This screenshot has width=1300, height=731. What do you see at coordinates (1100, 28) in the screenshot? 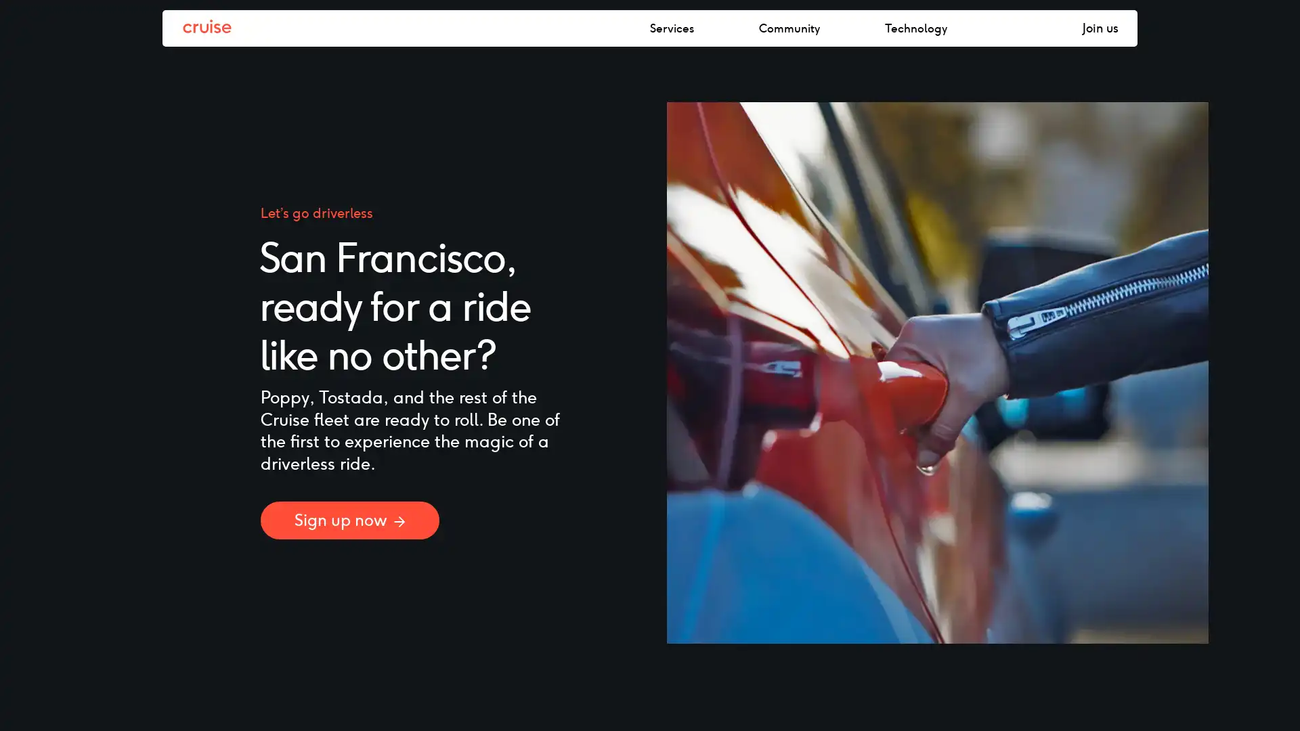
I see `Join us` at bounding box center [1100, 28].